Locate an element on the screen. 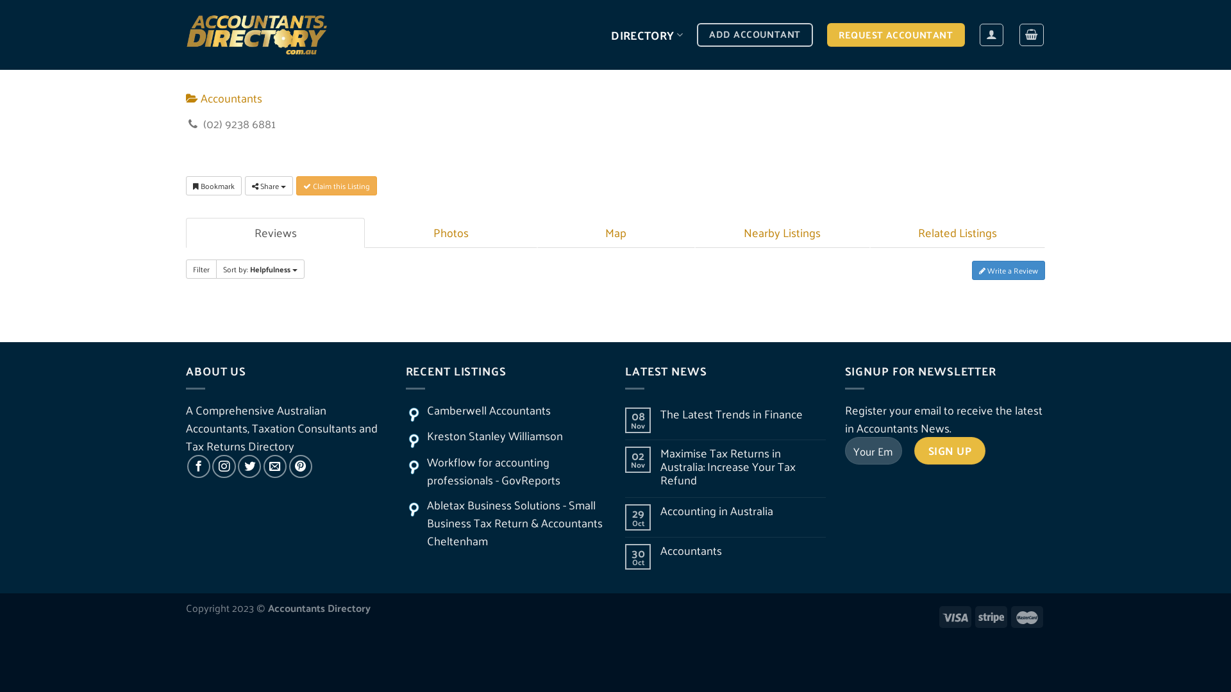  'Camberwell Accountants' is located at coordinates (488, 410).